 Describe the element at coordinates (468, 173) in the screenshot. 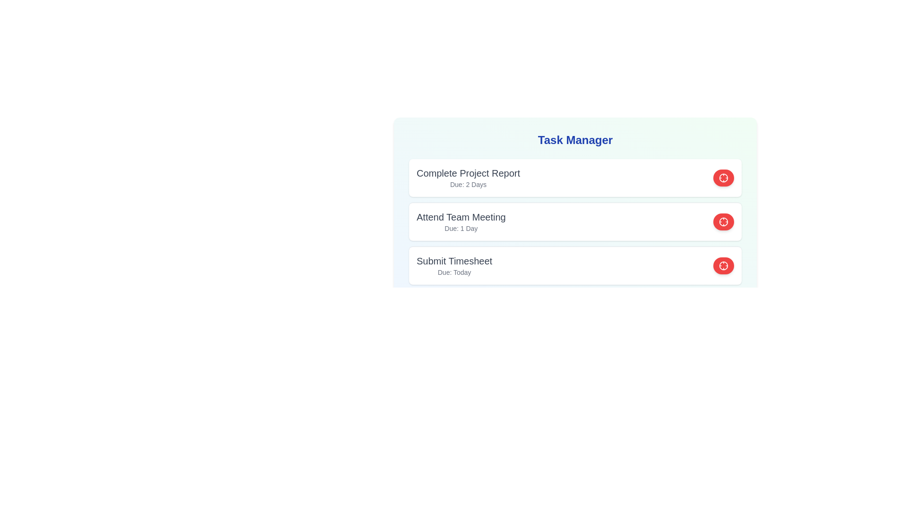

I see `the Text Label element in the Task Manager that serves as a header for a task, positioned in the first row of a vertically stacked list` at that location.